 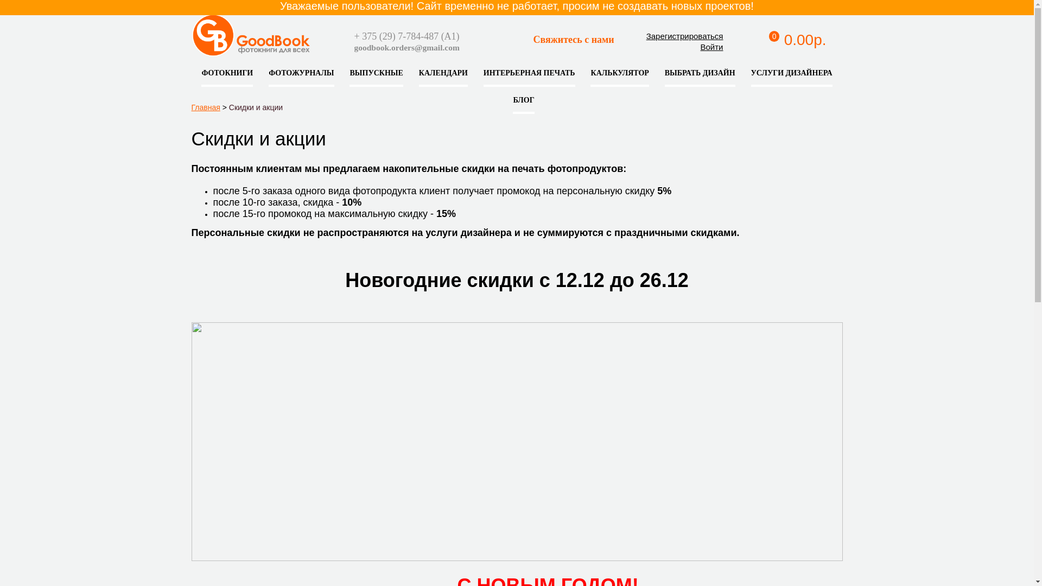 I want to click on 'Good Book Design Studio', so click(x=313, y=43).